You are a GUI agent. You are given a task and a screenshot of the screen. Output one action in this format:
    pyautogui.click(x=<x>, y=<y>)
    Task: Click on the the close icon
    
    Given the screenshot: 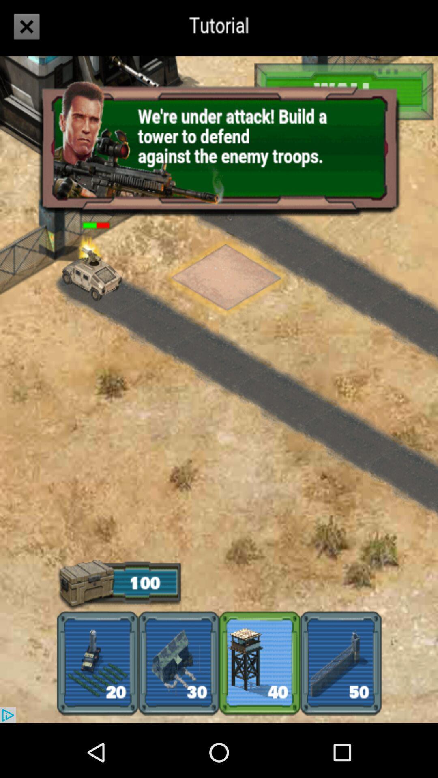 What is the action you would take?
    pyautogui.click(x=31, y=34)
    